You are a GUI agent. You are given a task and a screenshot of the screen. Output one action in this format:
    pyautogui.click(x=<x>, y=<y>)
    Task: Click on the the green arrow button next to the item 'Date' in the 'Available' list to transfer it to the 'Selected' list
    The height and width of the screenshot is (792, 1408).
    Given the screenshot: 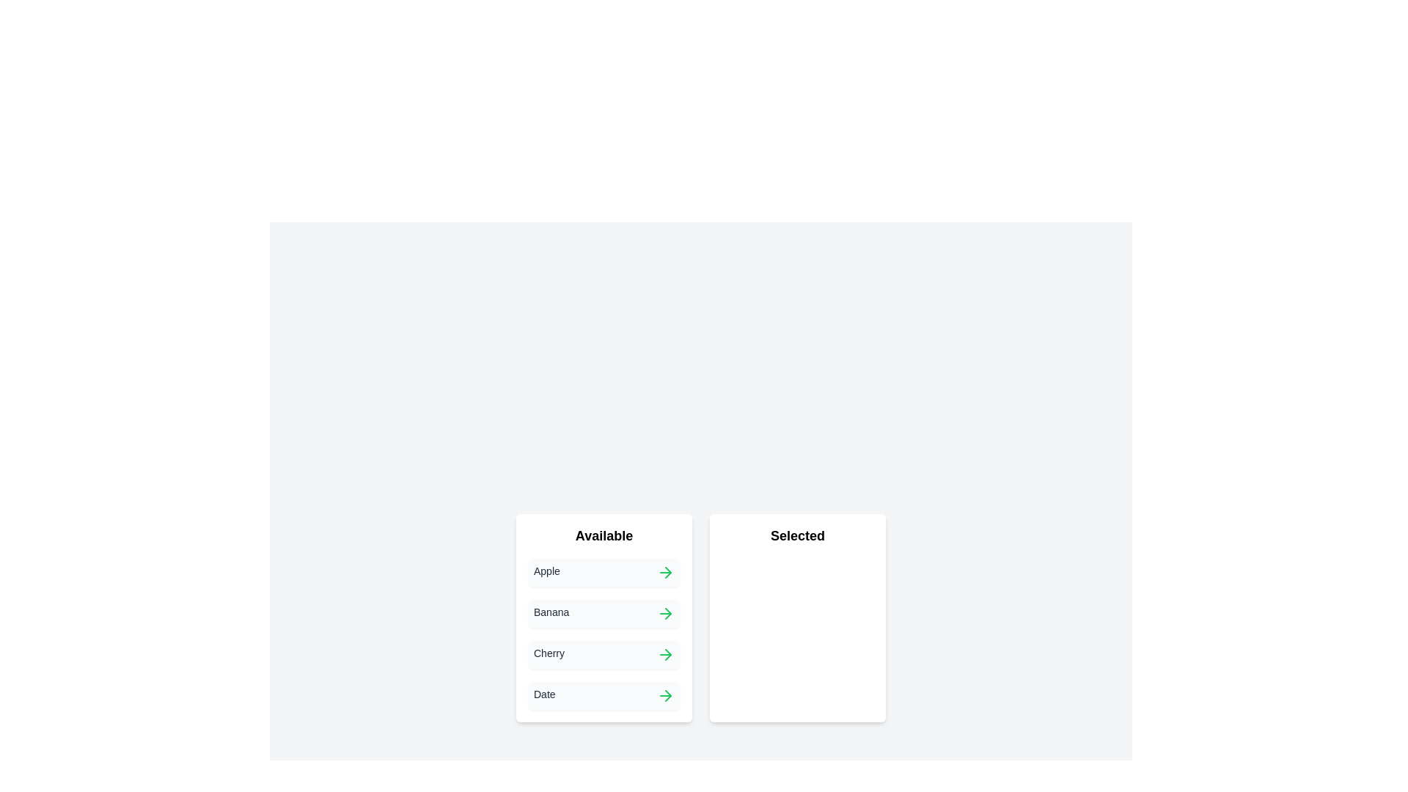 What is the action you would take?
    pyautogui.click(x=664, y=694)
    